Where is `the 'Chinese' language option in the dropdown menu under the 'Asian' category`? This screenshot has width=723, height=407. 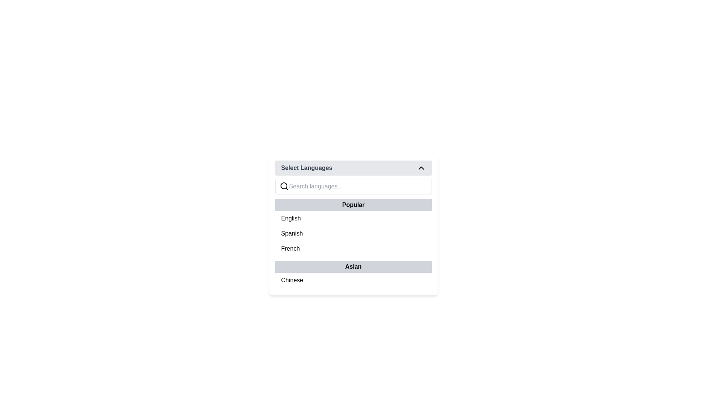 the 'Chinese' language option in the dropdown menu under the 'Asian' category is located at coordinates (291, 280).